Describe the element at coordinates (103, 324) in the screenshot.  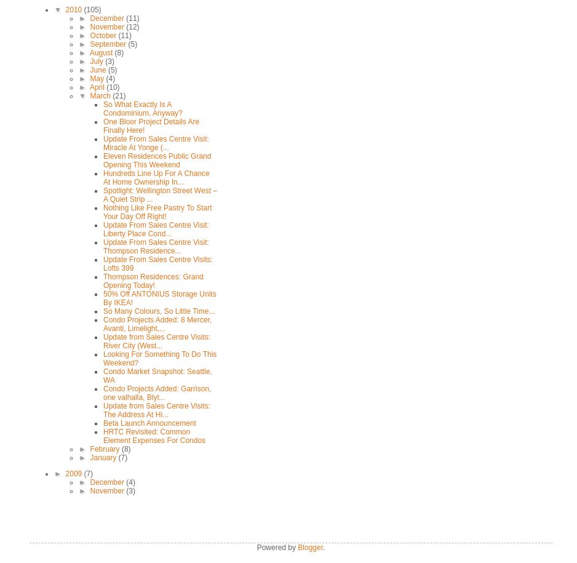
I see `'Condo Projects Added: 8 Mercer, Avanti, Limelight,...'` at that location.